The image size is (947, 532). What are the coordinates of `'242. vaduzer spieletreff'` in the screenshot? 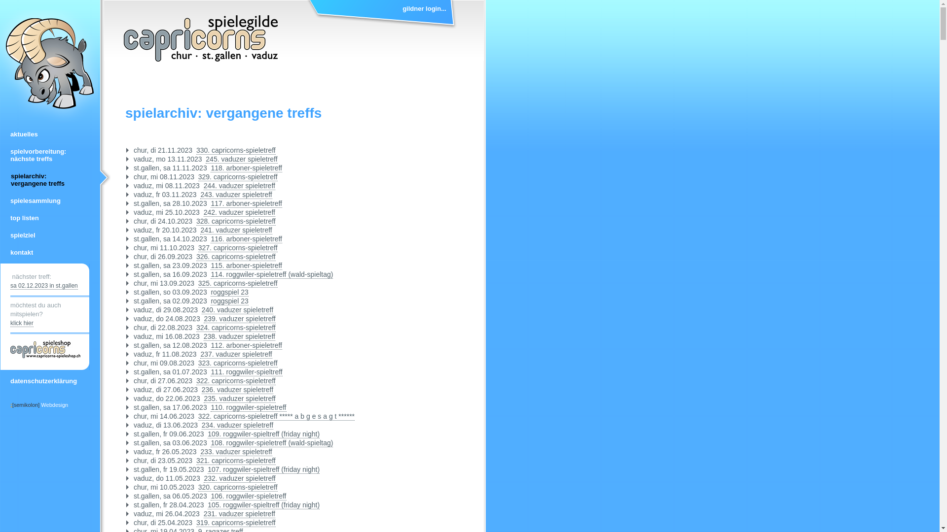 It's located at (239, 212).